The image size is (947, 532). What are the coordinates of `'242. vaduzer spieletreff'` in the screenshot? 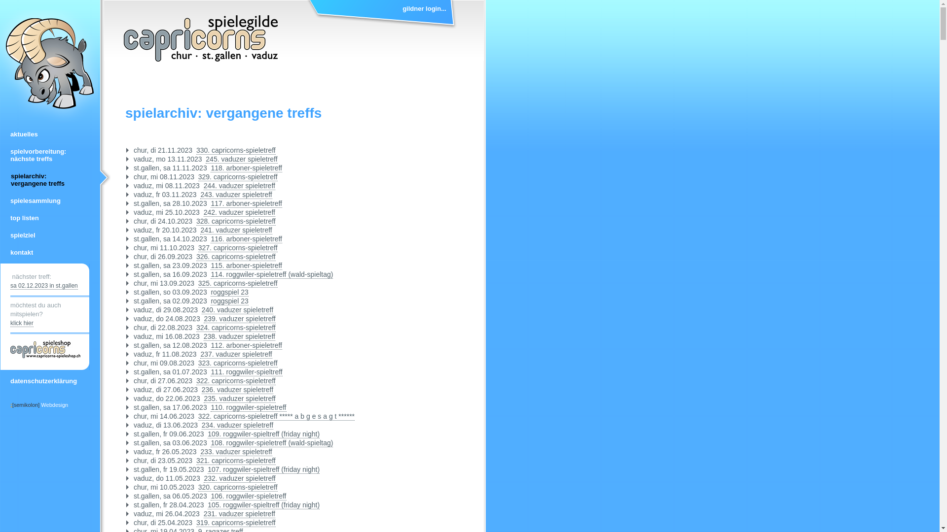 It's located at (239, 212).